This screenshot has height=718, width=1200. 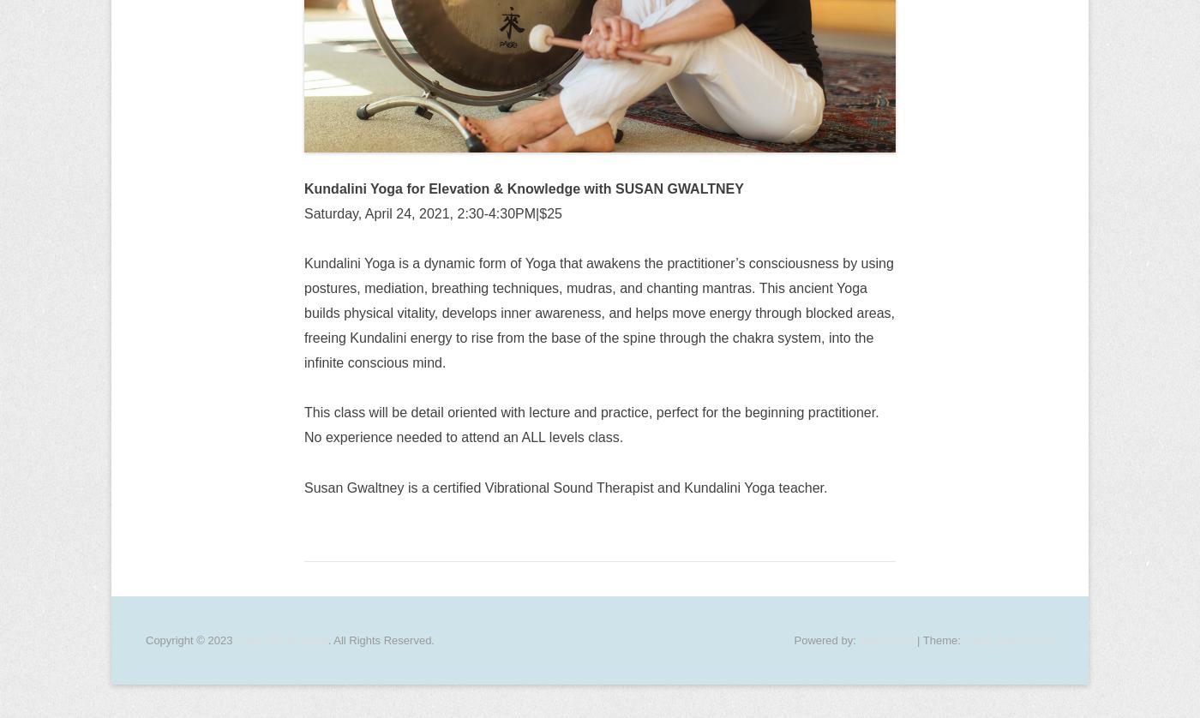 I want to click on 'Saturday, April 24, 2021, 2:30-4:30PM|$25', so click(x=432, y=212).